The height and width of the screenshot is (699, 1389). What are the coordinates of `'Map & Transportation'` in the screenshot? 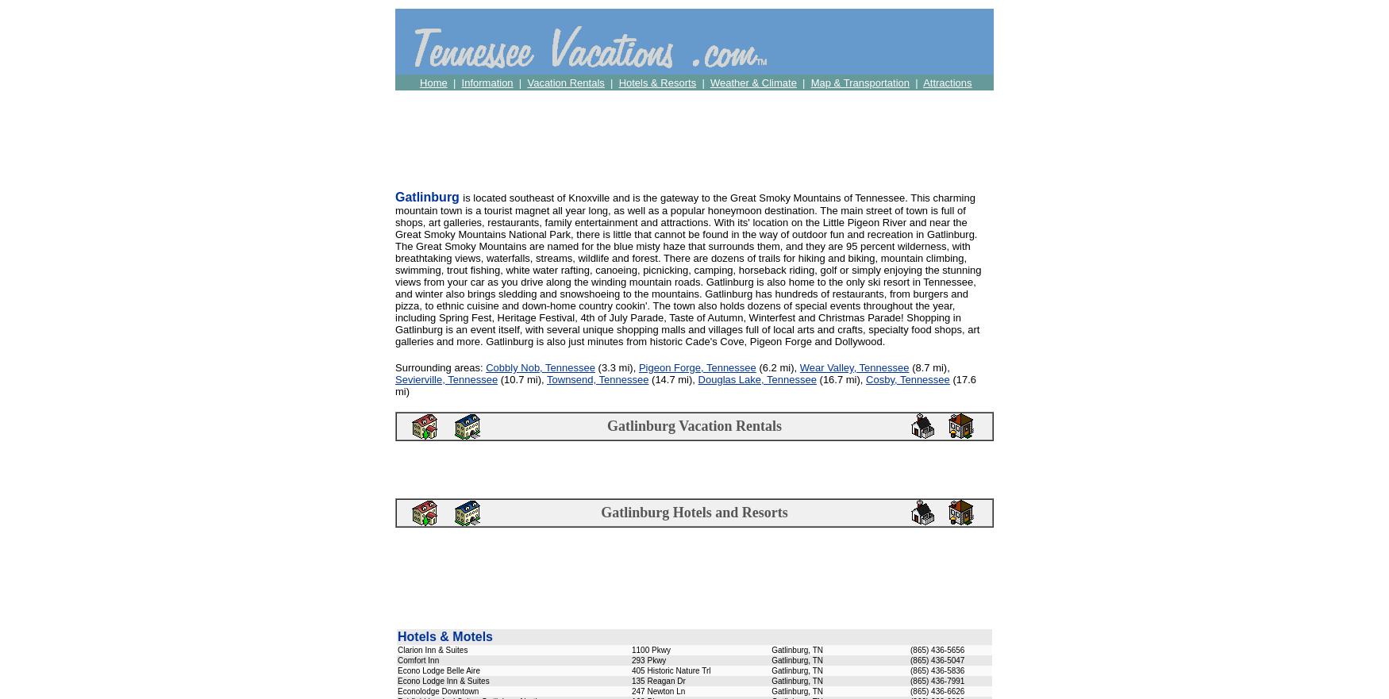 It's located at (809, 82).